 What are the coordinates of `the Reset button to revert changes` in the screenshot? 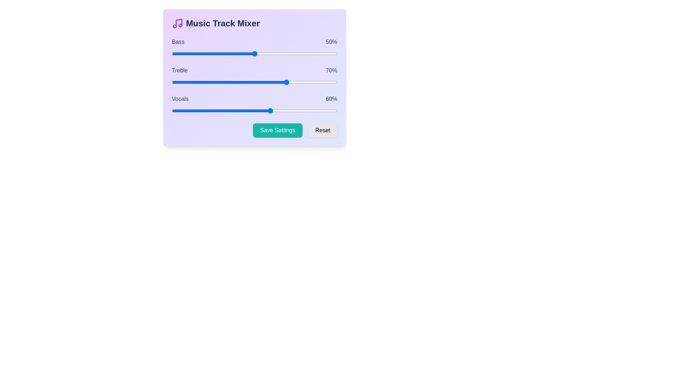 It's located at (322, 130).